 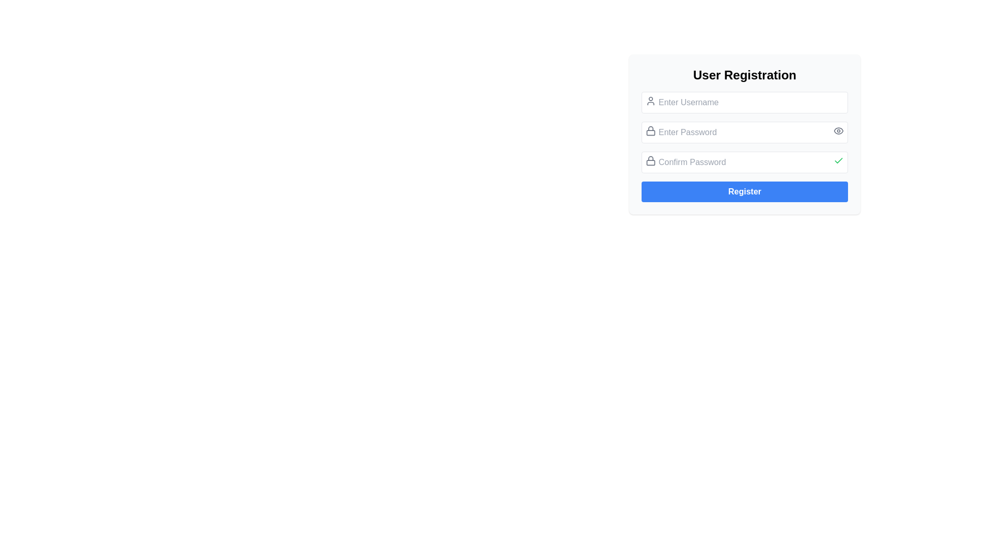 I want to click on the eye icon component that toggles the visibility of the password in the adjacent input field, so click(x=839, y=130).